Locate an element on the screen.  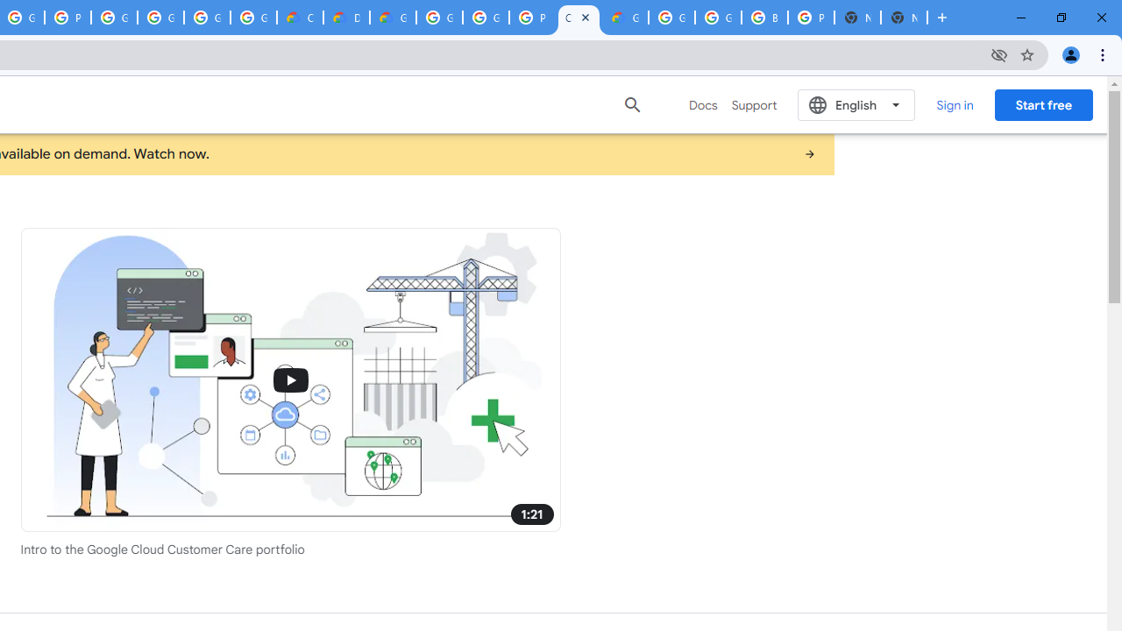
'Support illustration' is located at coordinates (290, 379).